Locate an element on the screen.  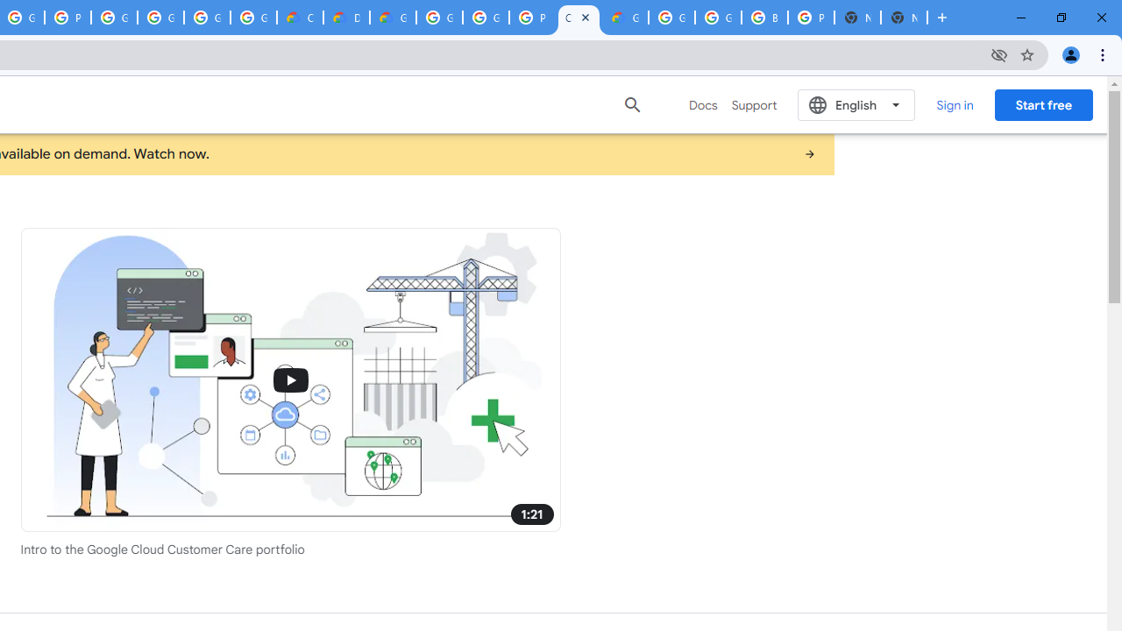
'Support illustration' is located at coordinates (290, 379).